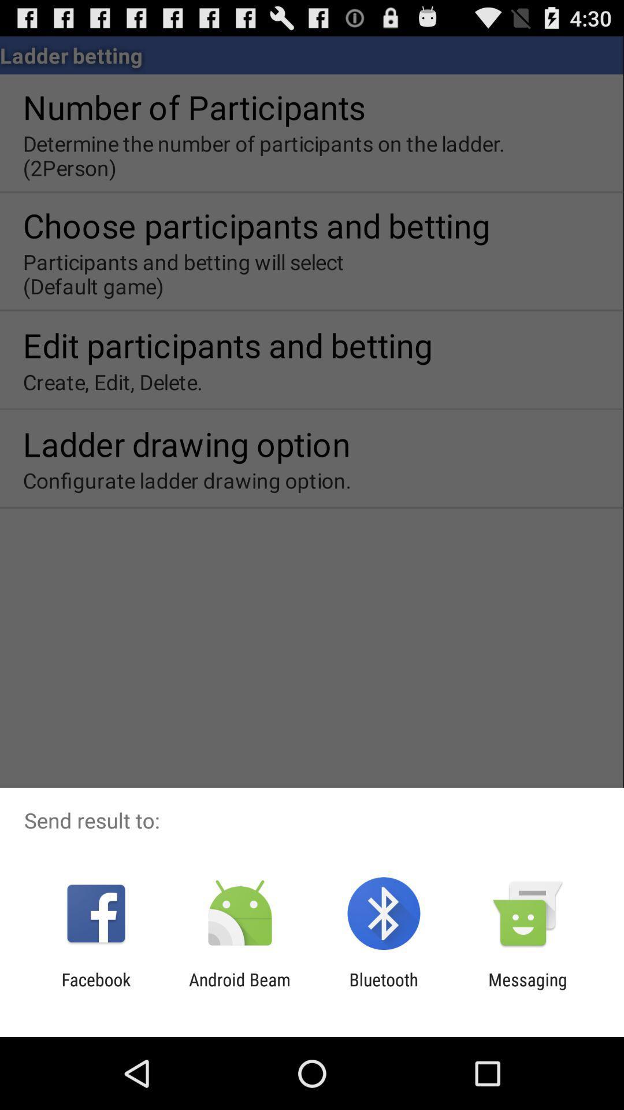  I want to click on the app next to the bluetooth icon, so click(528, 989).